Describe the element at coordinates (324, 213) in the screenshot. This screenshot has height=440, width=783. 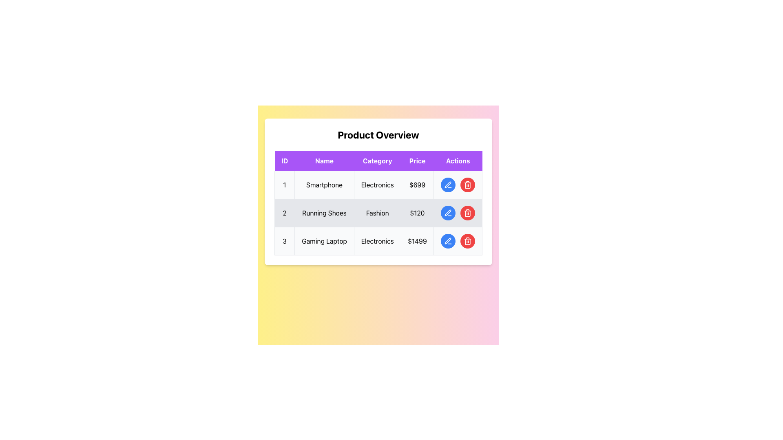
I see `the text label that displays 'Running Shoes', which is styled with a gray background and is located in the second column of the second row of a table` at that location.